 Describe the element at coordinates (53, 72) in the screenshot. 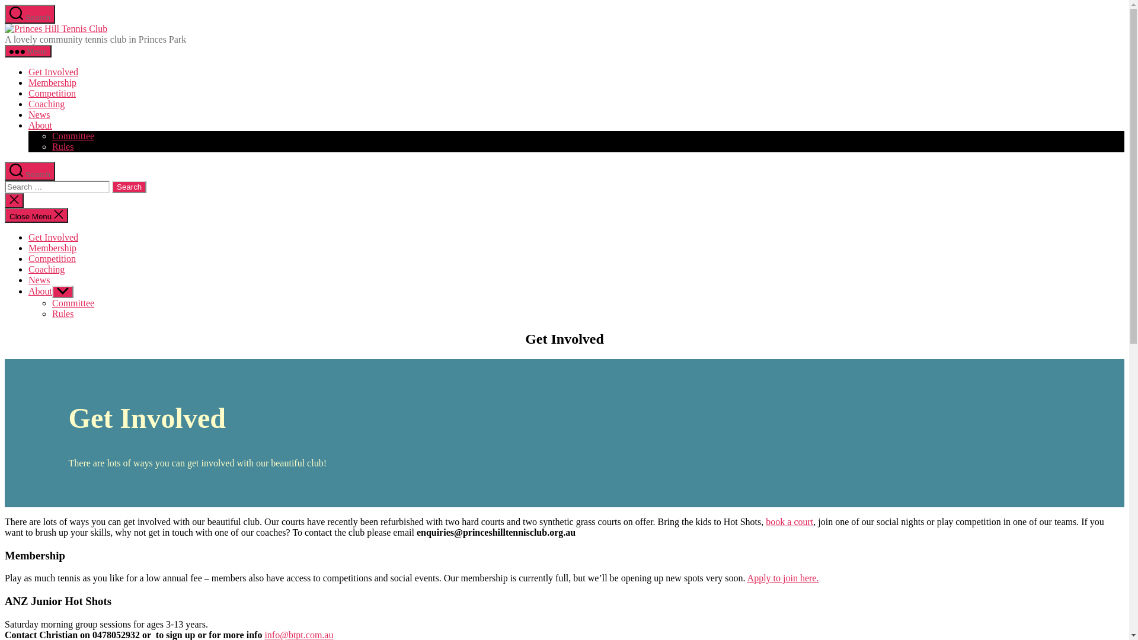

I see `'Get Involved'` at that location.